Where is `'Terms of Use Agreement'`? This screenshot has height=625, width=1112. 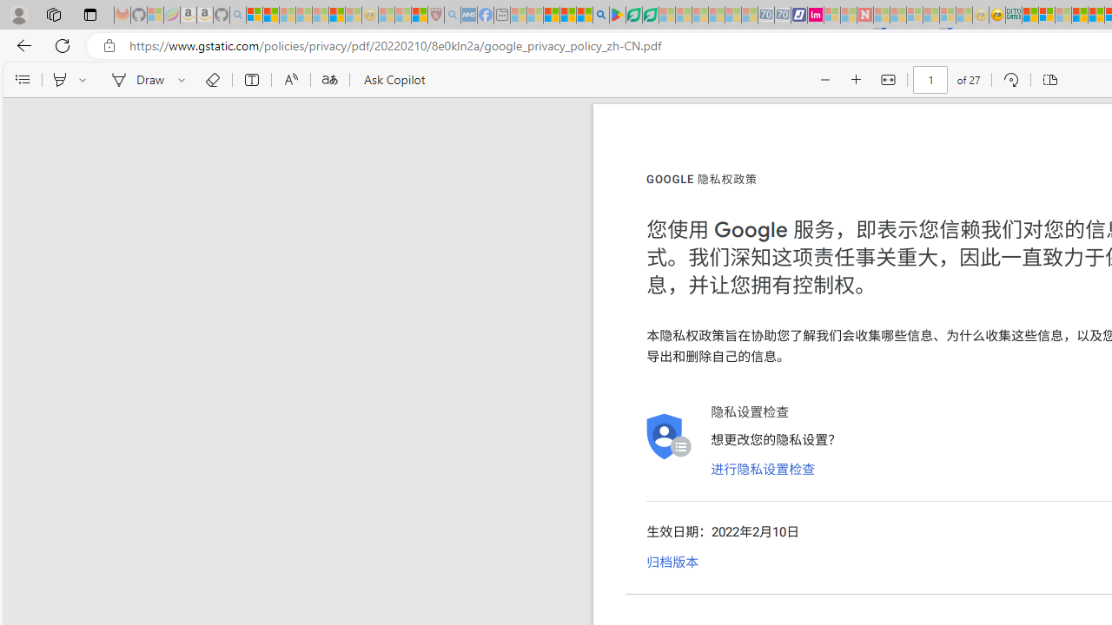
'Terms of Use Agreement' is located at coordinates (632, 15).